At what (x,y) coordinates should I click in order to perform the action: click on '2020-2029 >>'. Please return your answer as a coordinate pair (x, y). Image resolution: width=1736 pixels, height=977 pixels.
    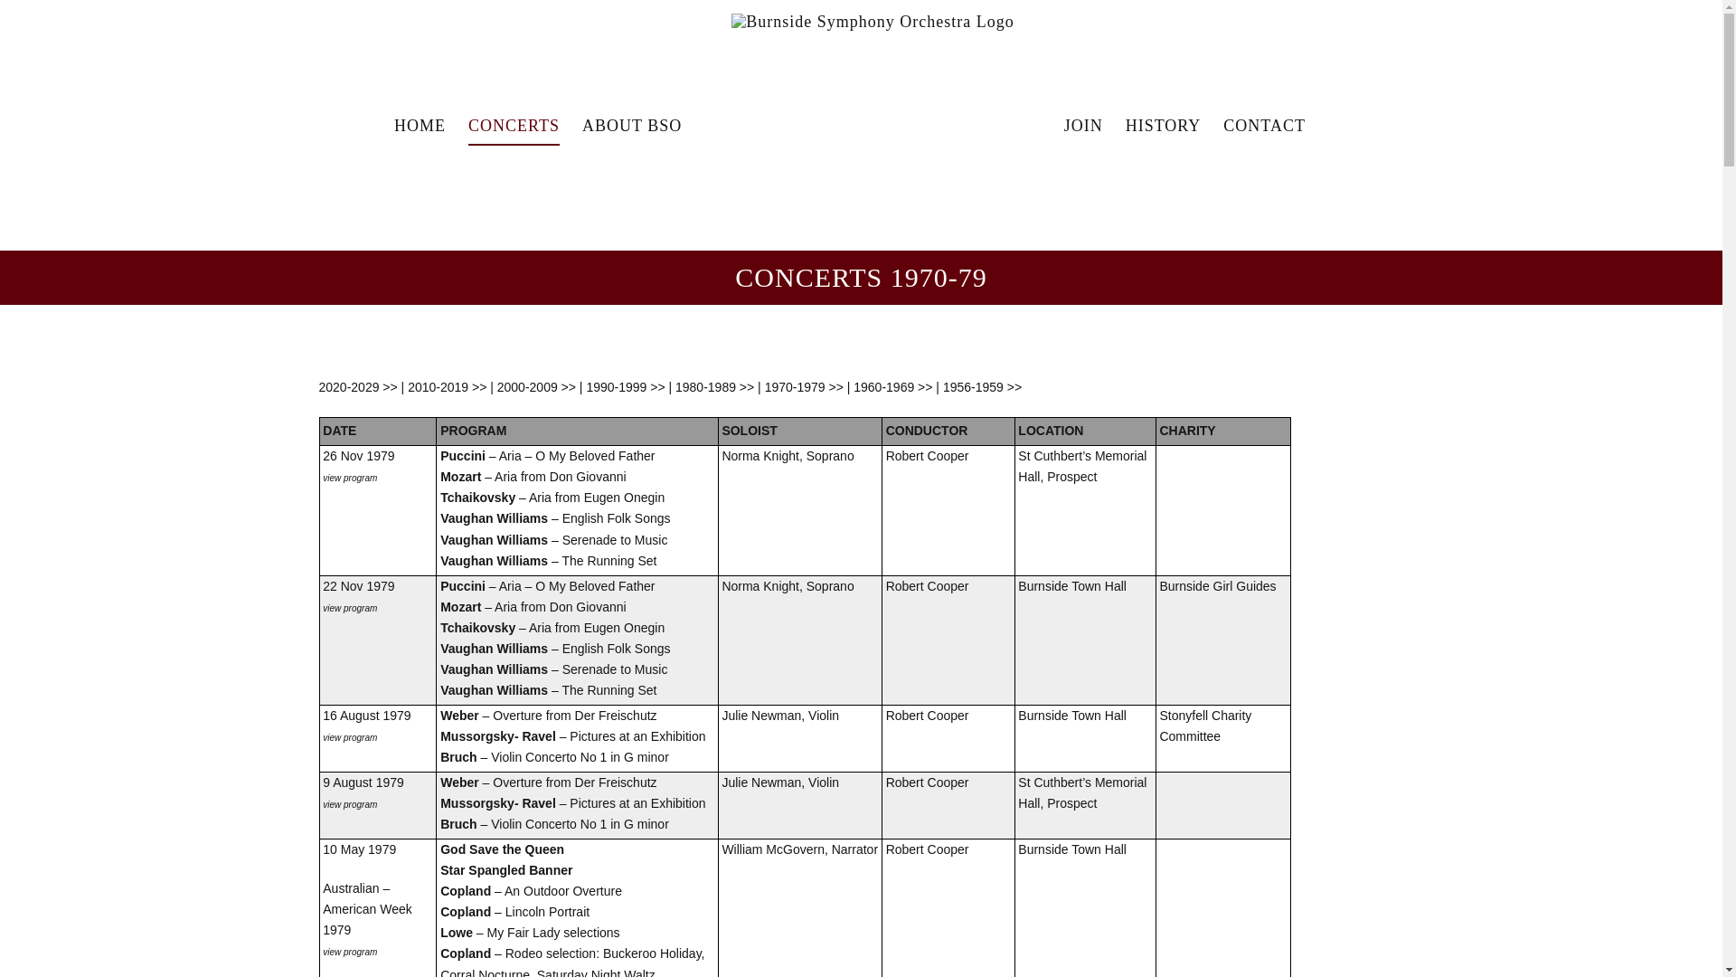
    Looking at the image, I should click on (357, 386).